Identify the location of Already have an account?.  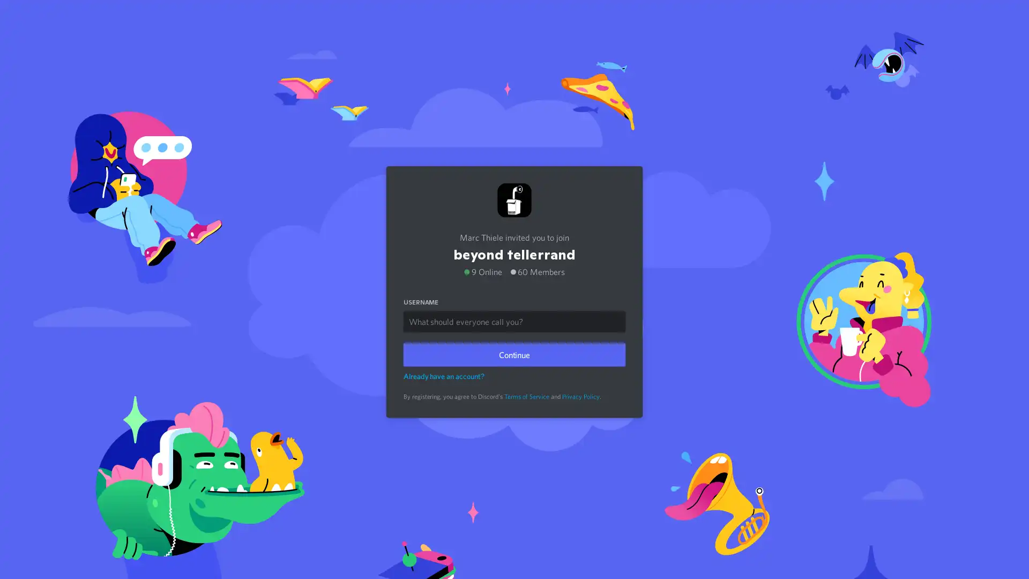
(444, 373).